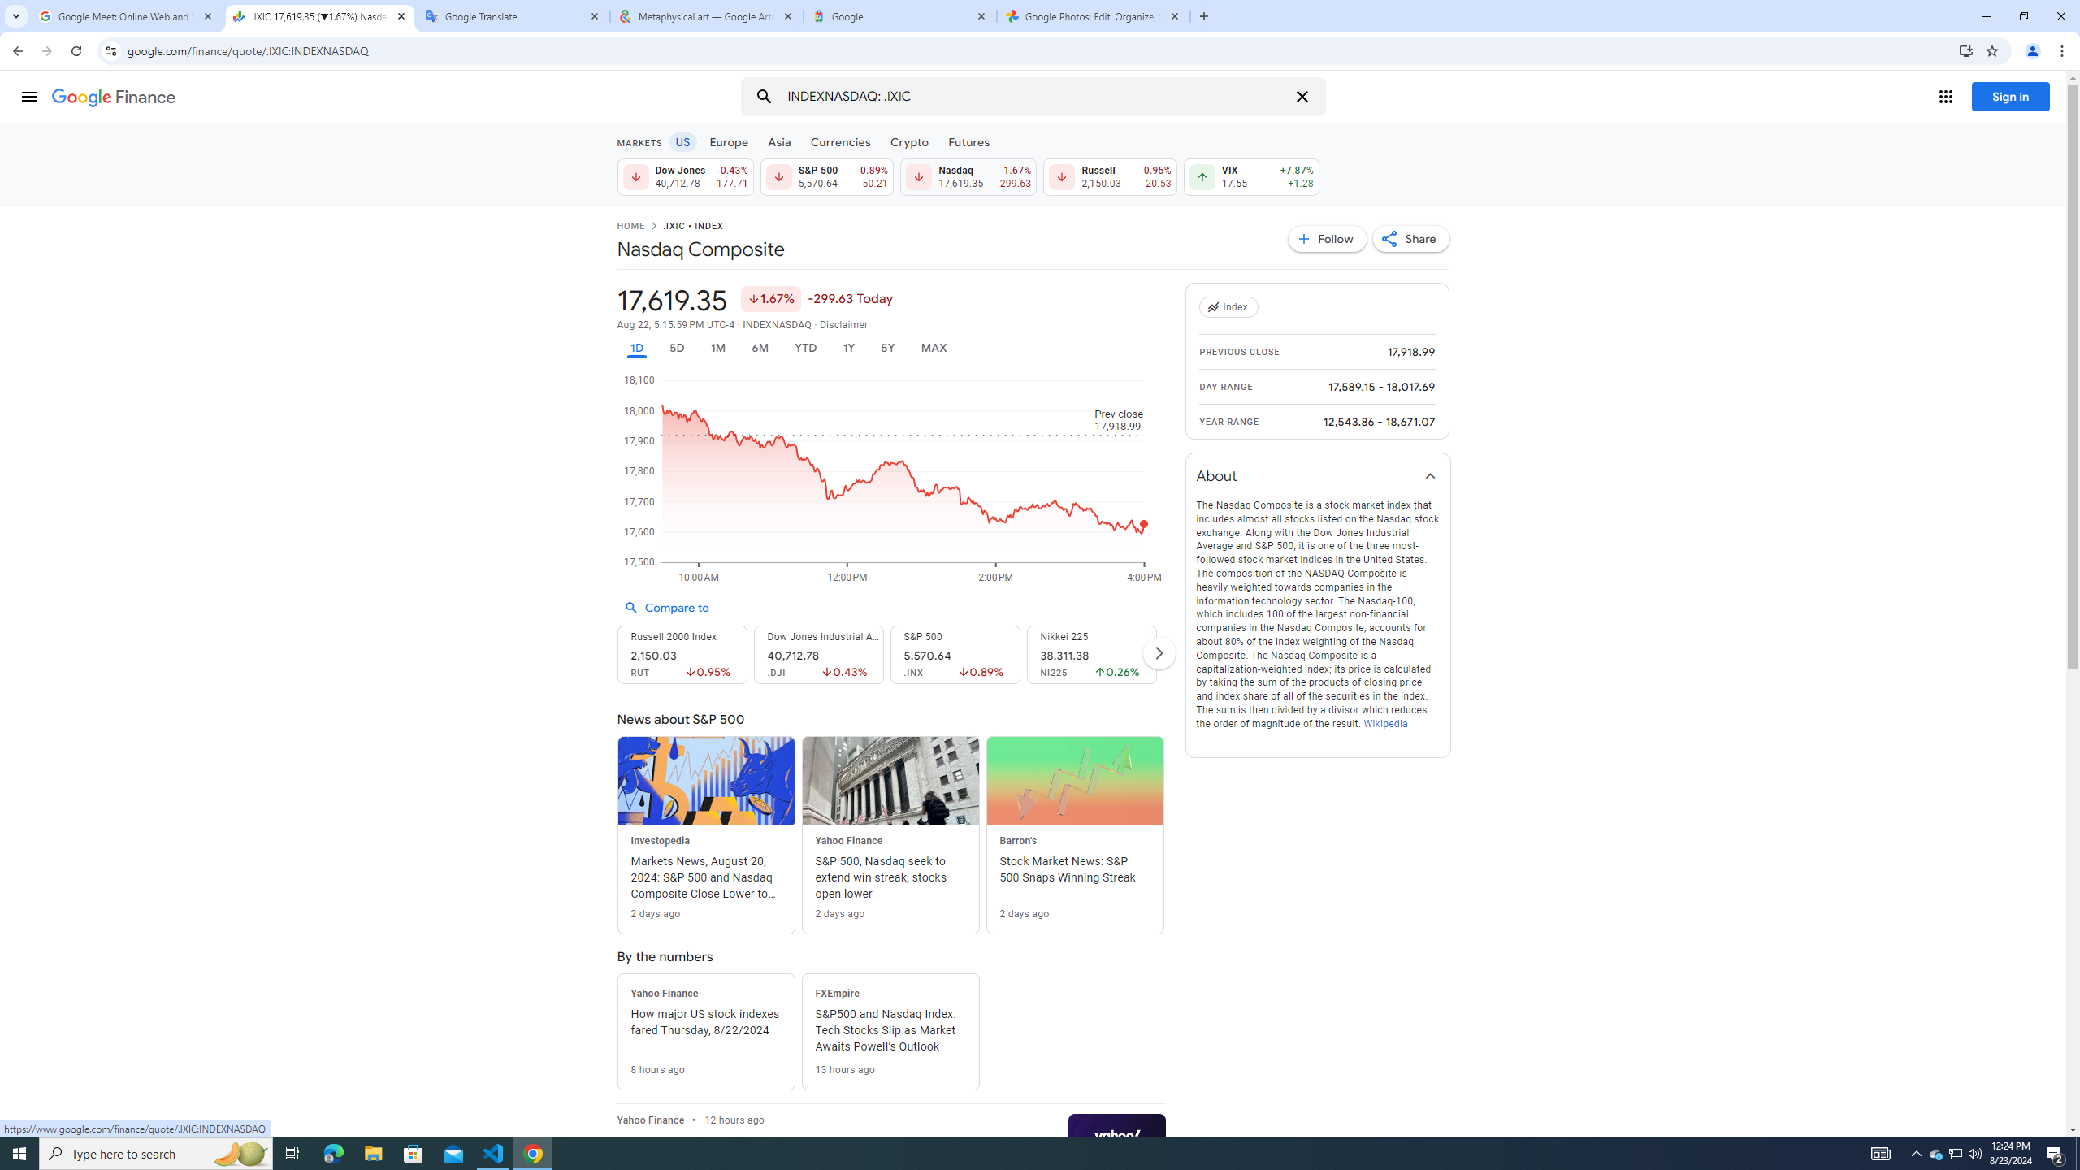 The image size is (2080, 1170). I want to click on 'Index', so click(1231, 307).